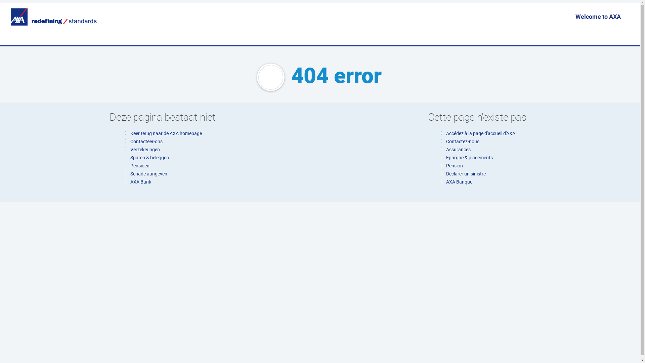 This screenshot has height=363, width=645. I want to click on 'Schade aangeven', so click(148, 173).